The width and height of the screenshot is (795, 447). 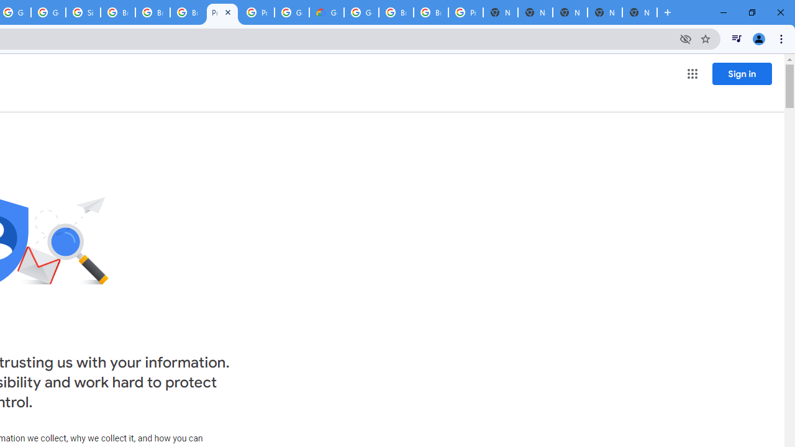 I want to click on 'Browse Chrome as a guest - Computer - Google Chrome Help', so click(x=187, y=12).